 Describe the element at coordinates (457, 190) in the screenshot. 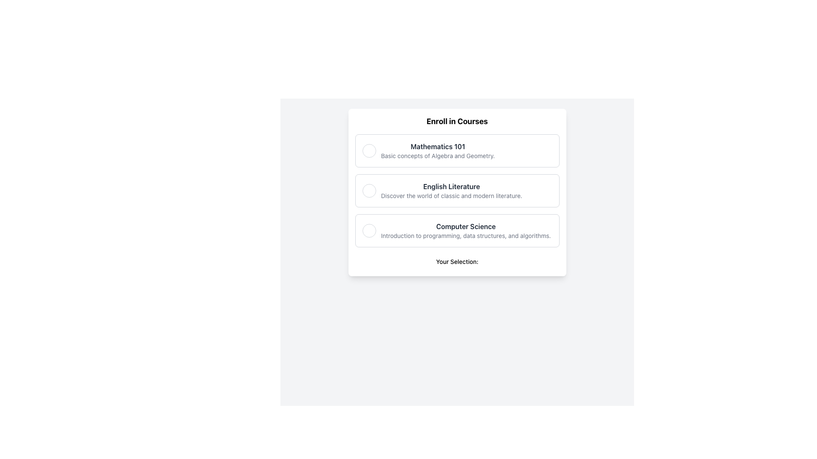

I see `the 'English Literature' course option card` at that location.